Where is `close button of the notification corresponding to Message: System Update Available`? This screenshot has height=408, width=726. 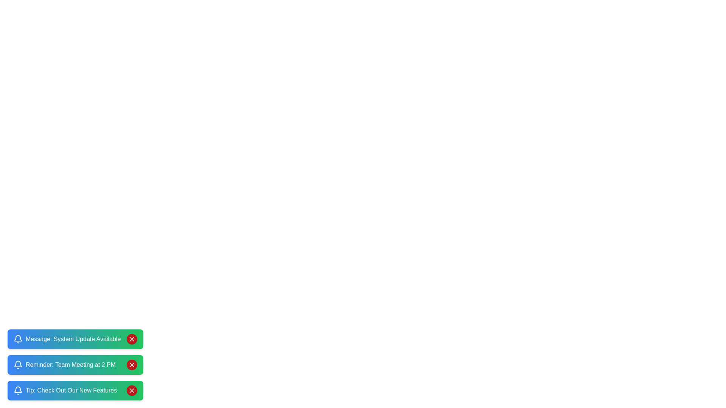
close button of the notification corresponding to Message: System Update Available is located at coordinates (132, 339).